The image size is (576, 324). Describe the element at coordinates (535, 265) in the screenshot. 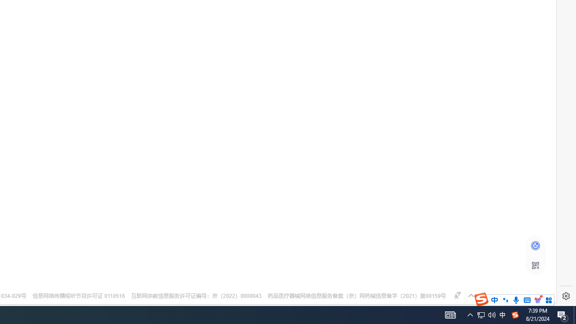

I see `'Class: icon'` at that location.